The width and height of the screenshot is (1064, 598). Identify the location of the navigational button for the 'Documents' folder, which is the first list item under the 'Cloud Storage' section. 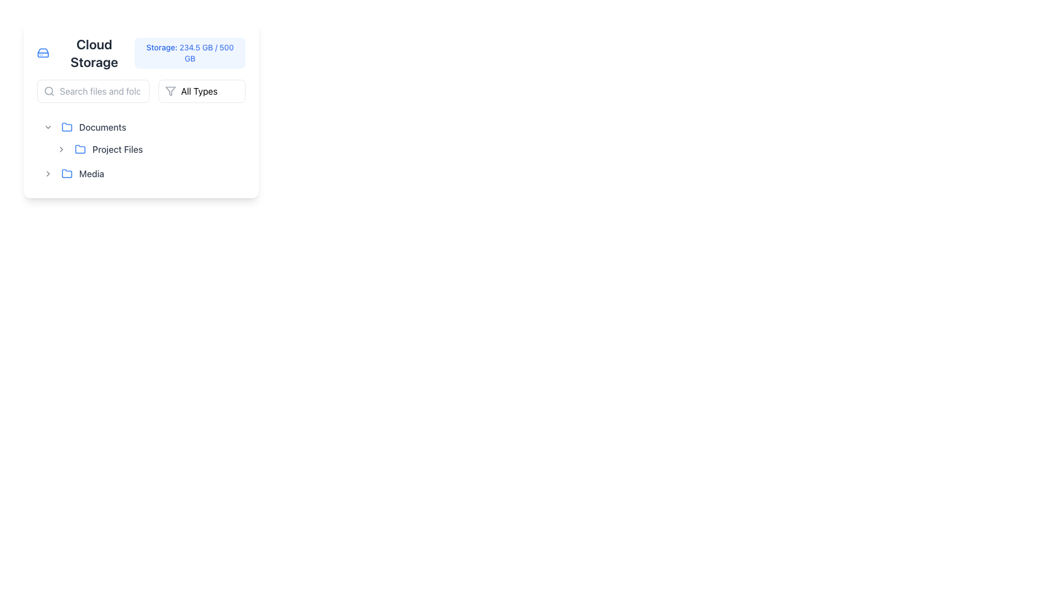
(140, 127).